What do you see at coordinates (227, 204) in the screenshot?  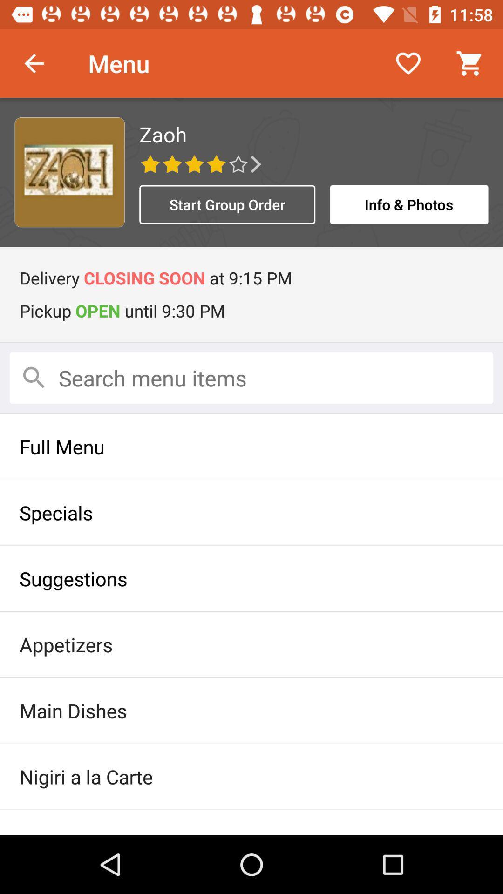 I see `the item above delivery closing soon item` at bounding box center [227, 204].